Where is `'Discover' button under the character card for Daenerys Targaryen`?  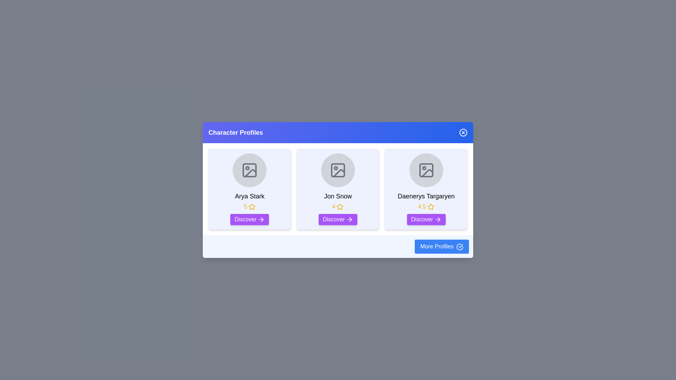 'Discover' button under the character card for Daenerys Targaryen is located at coordinates (425, 219).